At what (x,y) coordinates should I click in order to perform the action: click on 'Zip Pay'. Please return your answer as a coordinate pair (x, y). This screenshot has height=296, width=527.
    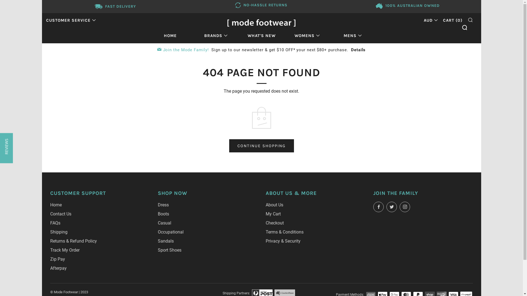
    Looking at the image, I should click on (57, 259).